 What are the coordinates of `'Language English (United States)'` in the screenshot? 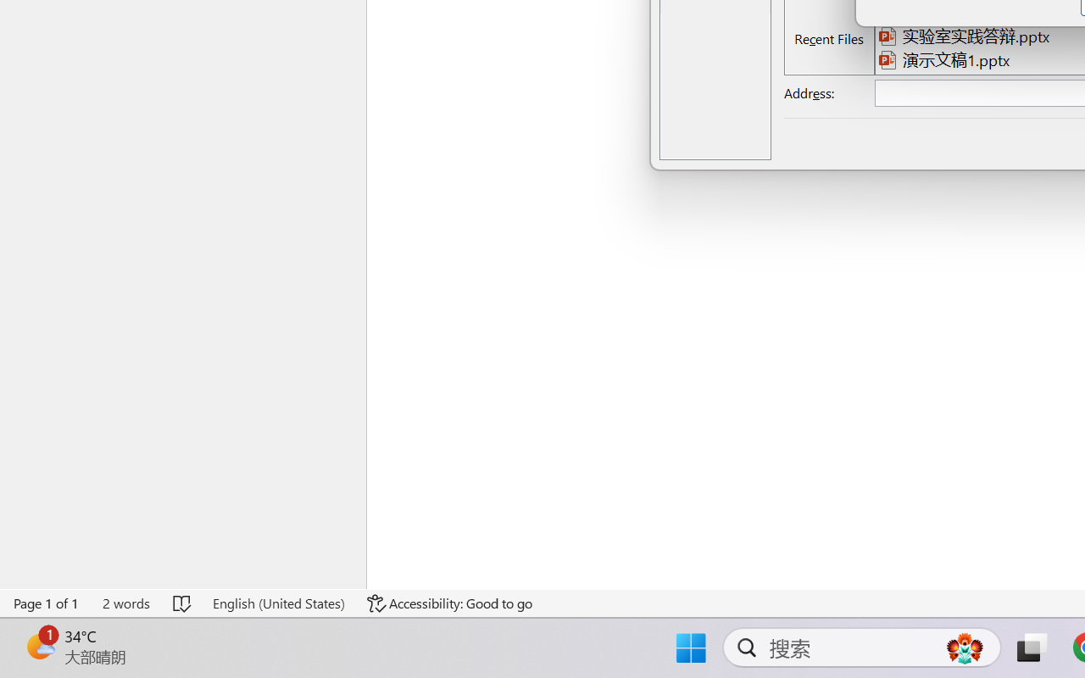 It's located at (278, 603).